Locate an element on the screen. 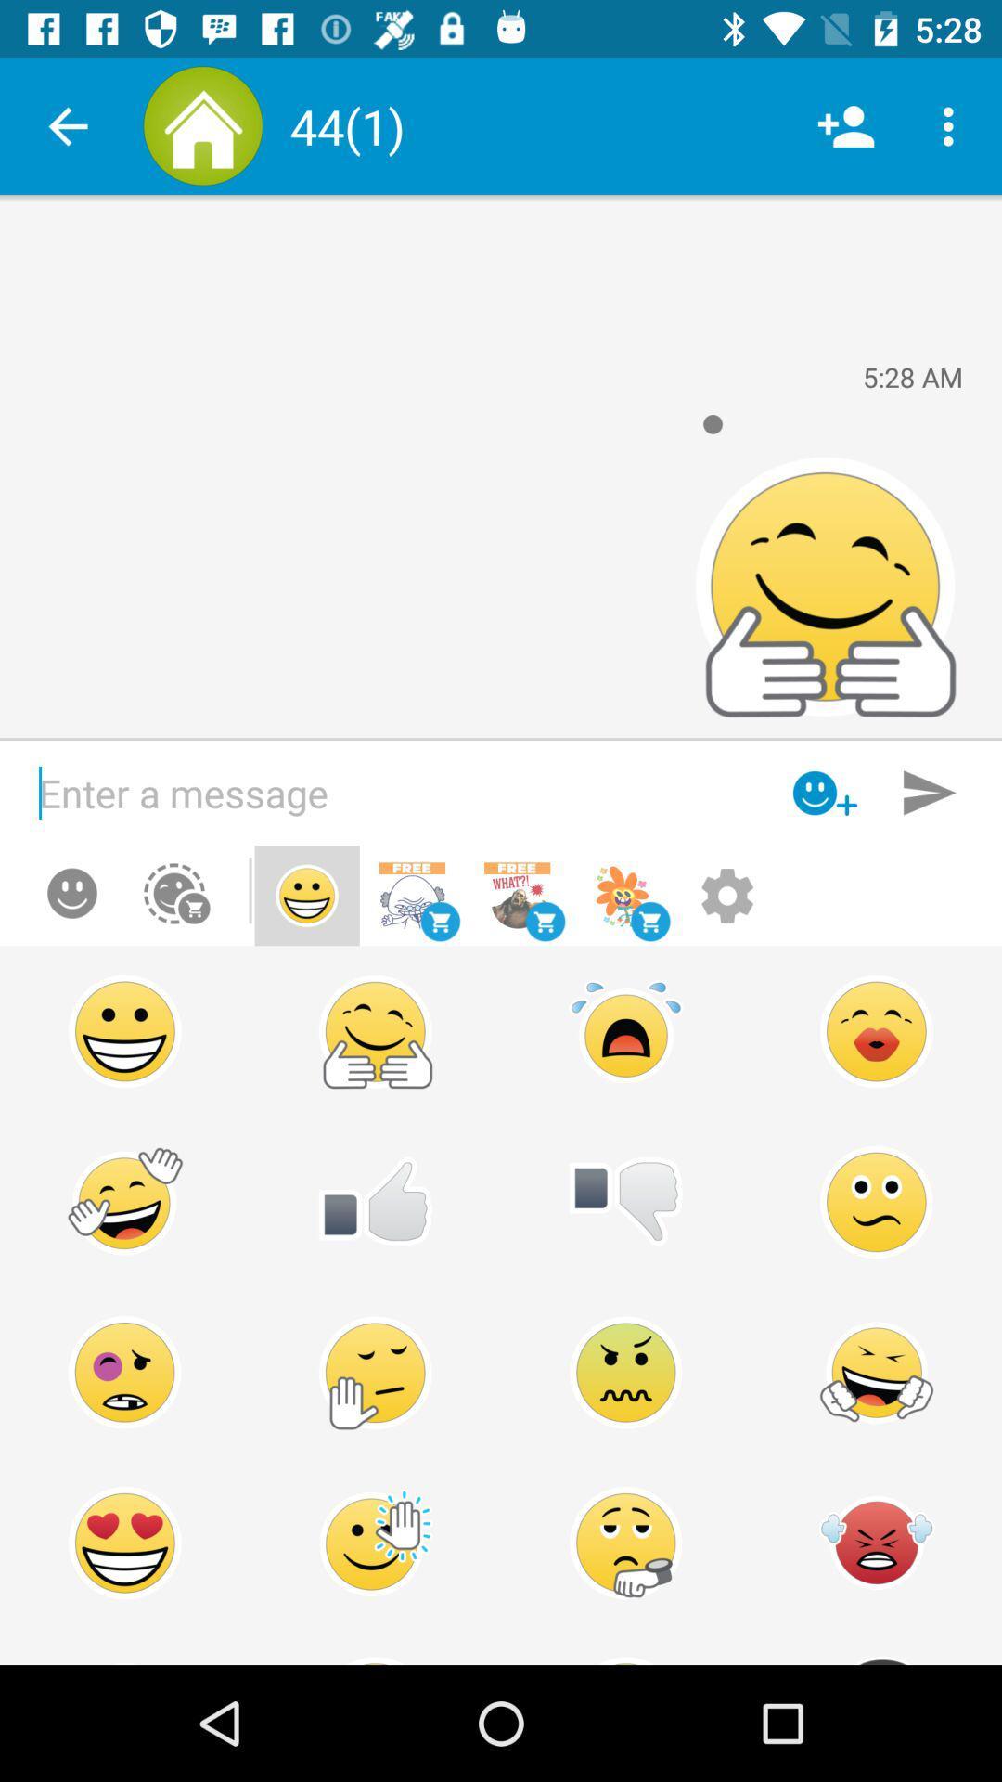 The height and width of the screenshot is (1782, 1002). item to the right of the (1) is located at coordinates (845, 125).